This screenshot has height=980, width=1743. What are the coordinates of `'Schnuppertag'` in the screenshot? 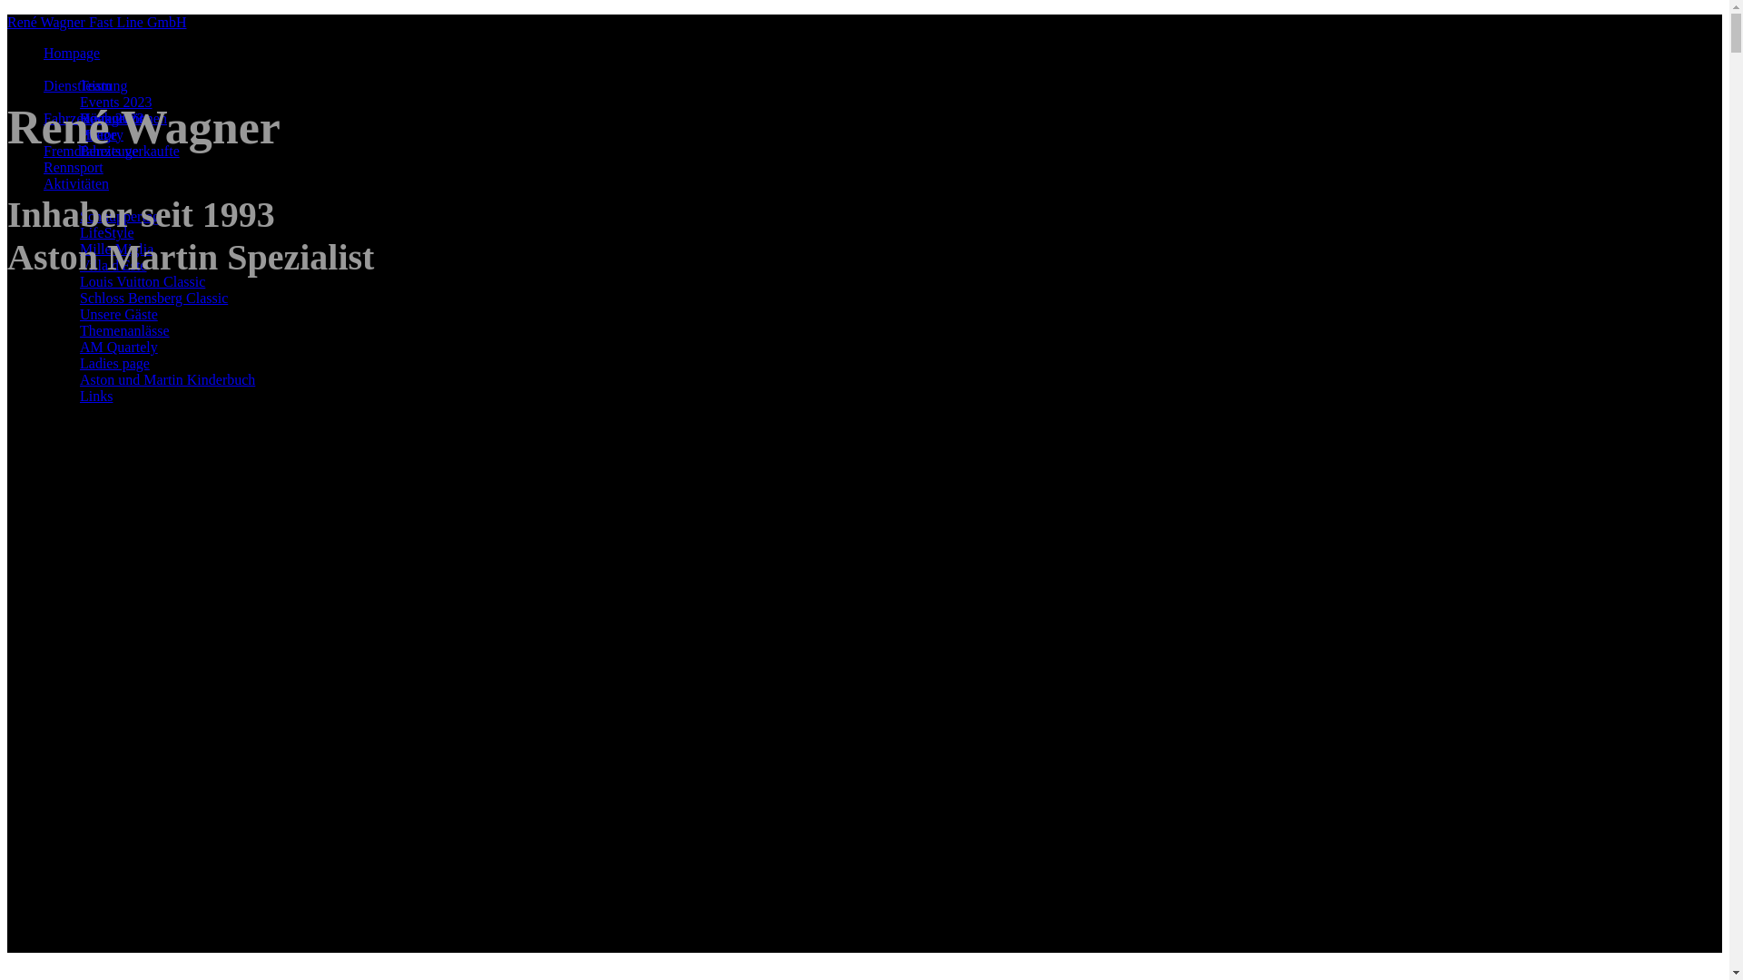 It's located at (118, 215).